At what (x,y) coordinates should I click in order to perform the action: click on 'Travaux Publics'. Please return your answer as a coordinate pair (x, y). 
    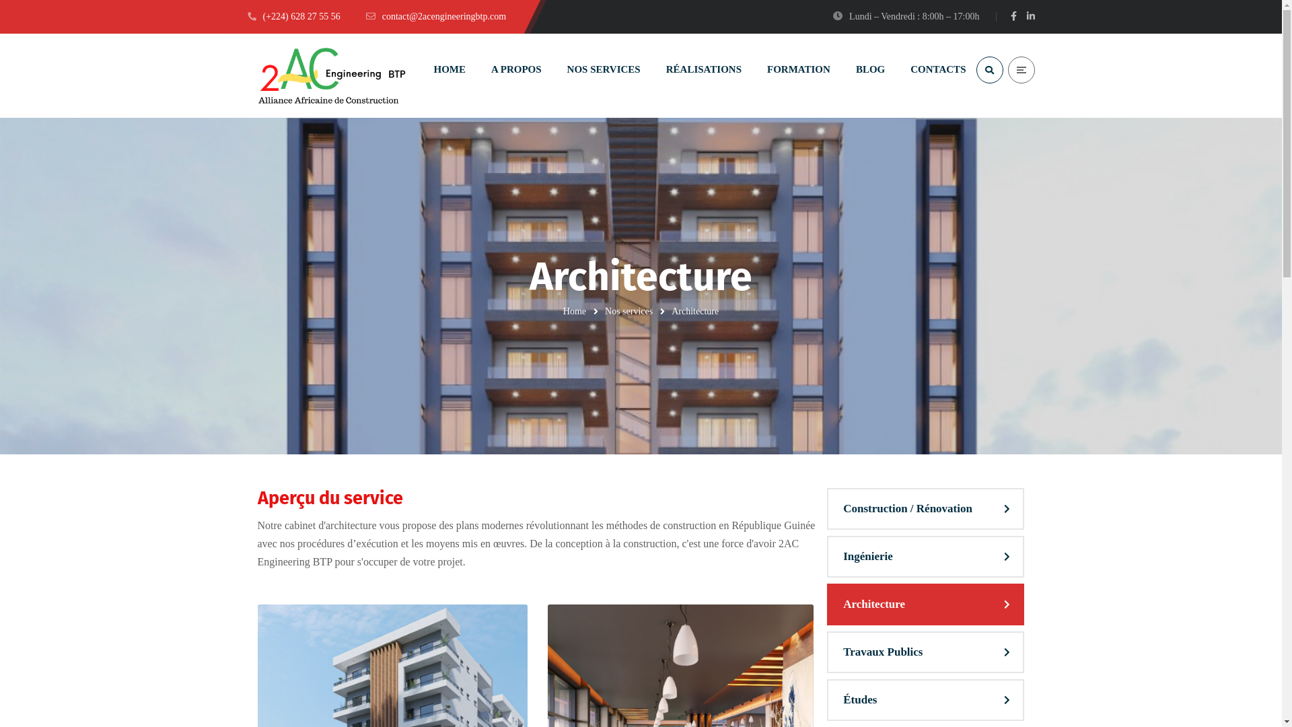
    Looking at the image, I should click on (925, 651).